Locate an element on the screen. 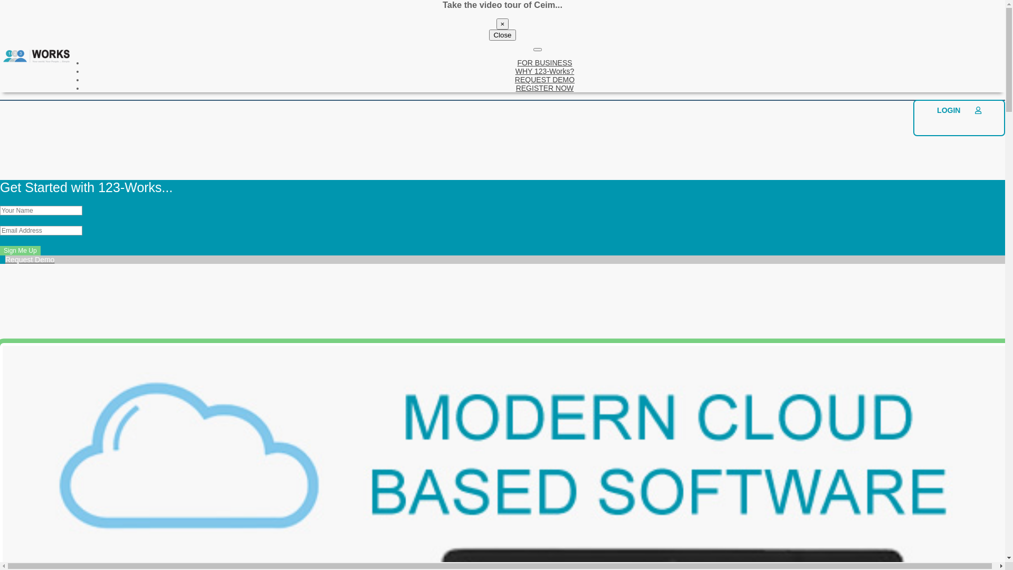 The image size is (1013, 570). 'Close' is located at coordinates (501, 34).